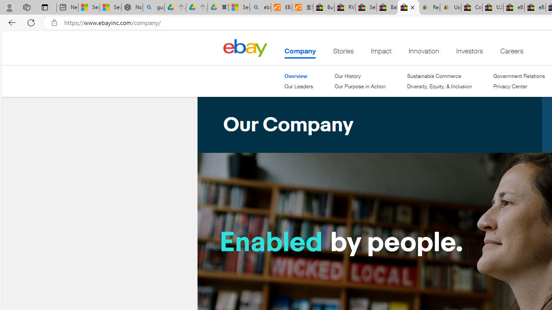  What do you see at coordinates (386, 7) in the screenshot?
I see `'Baby Keepsakes & Announcements for sale | eBay'` at bounding box center [386, 7].